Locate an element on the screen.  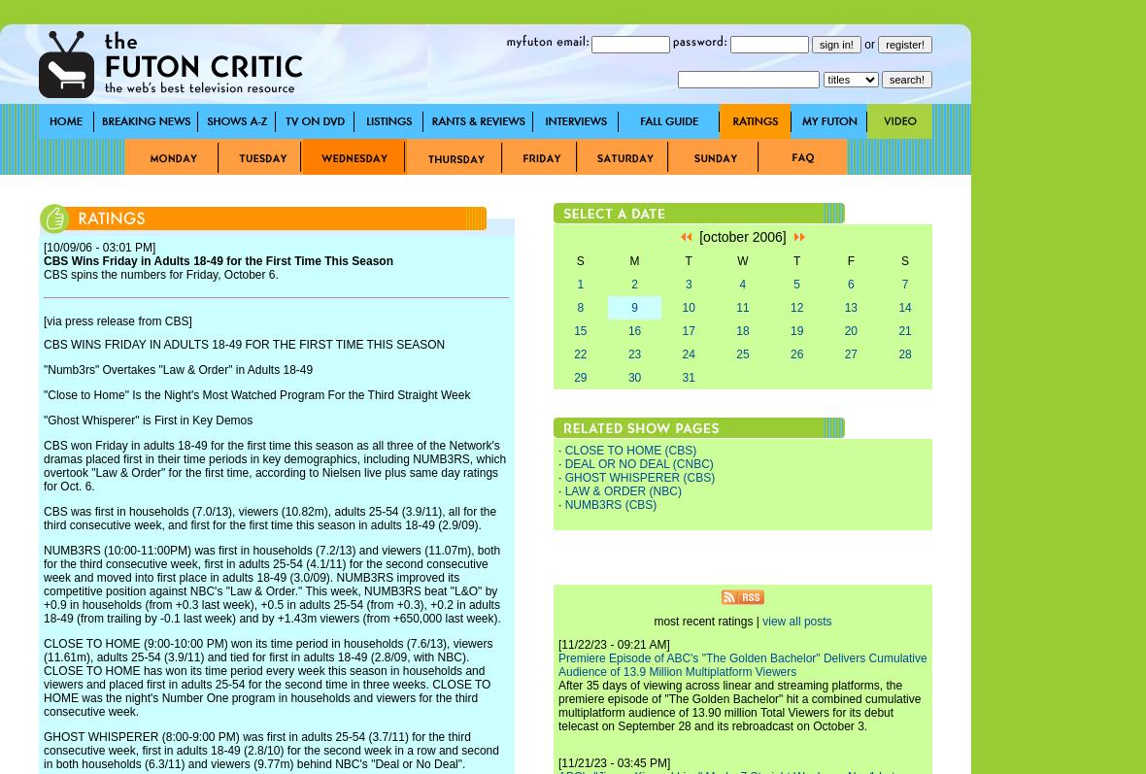
'13' is located at coordinates (851, 306).